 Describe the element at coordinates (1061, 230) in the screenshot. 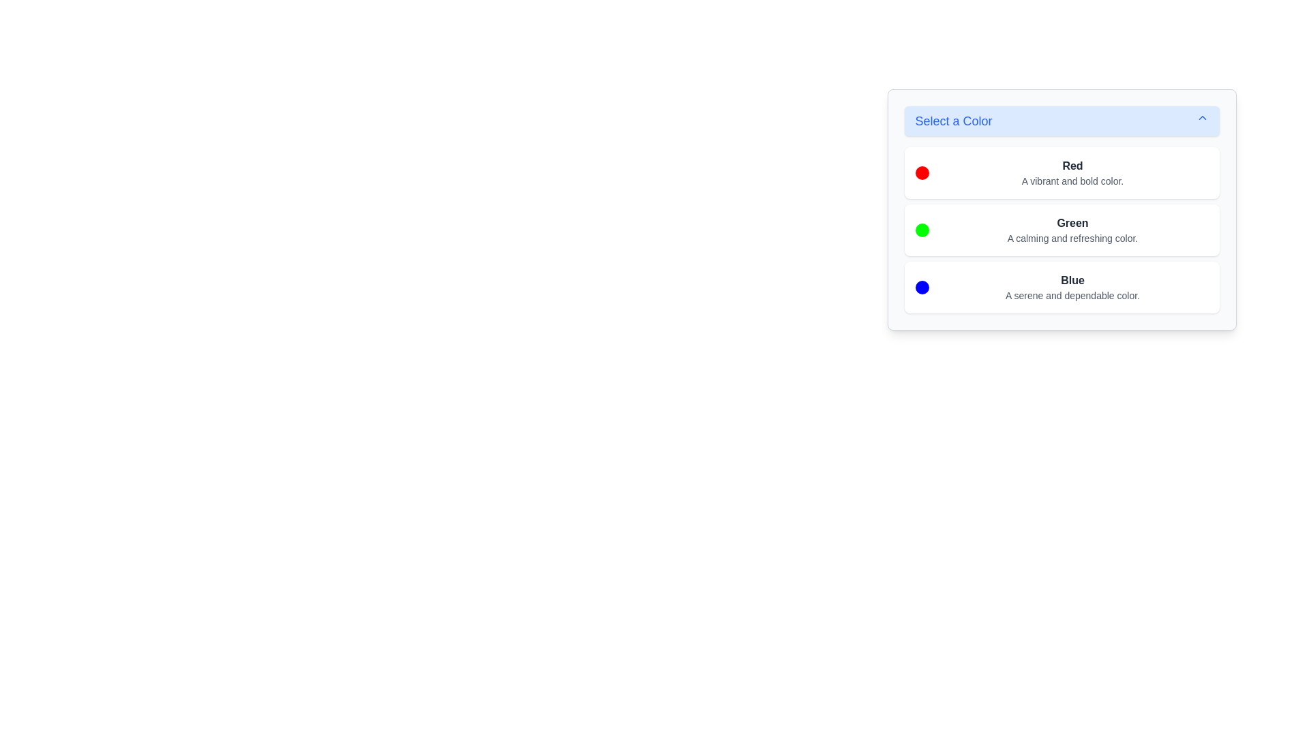

I see `the second selectable card item in the list that has a green circular indicator, bold text stating 'Green', and a descriptive text underneath about the calming color` at that location.